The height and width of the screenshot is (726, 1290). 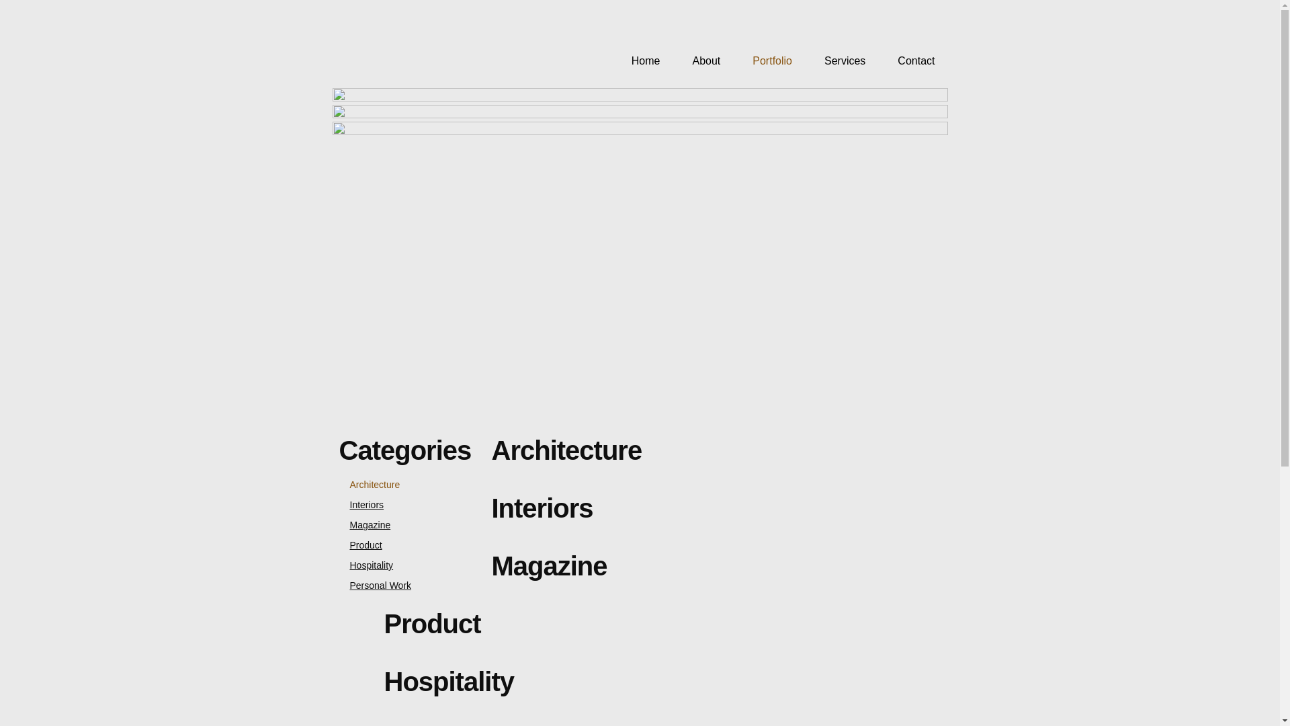 What do you see at coordinates (369, 485) in the screenshot?
I see `'Architecture'` at bounding box center [369, 485].